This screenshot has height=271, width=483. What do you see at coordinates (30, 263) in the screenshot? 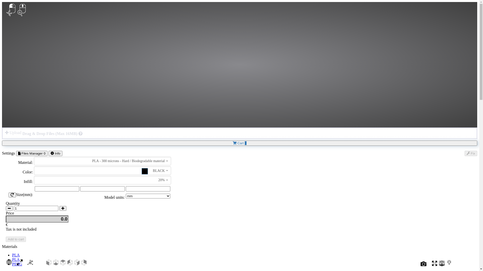
I see `'Axes'` at bounding box center [30, 263].